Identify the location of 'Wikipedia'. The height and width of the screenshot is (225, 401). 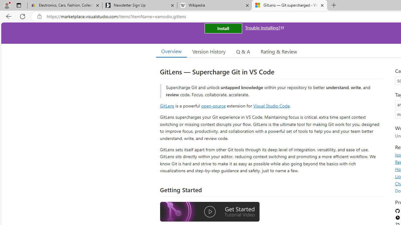
(214, 5).